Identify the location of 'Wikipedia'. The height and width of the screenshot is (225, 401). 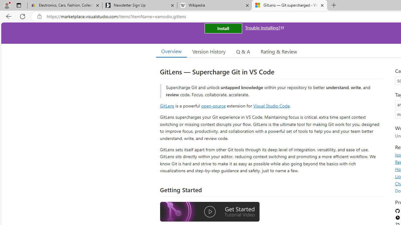
(214, 5).